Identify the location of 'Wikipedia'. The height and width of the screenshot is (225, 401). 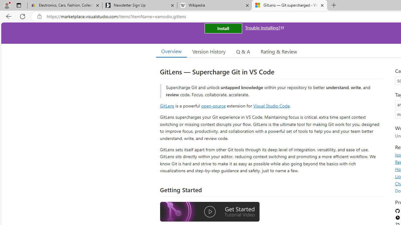
(214, 5).